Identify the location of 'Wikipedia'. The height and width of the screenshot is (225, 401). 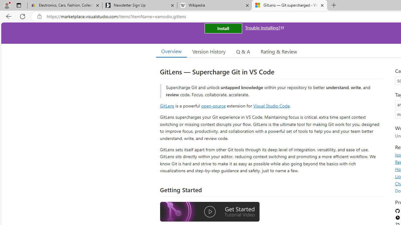
(214, 5).